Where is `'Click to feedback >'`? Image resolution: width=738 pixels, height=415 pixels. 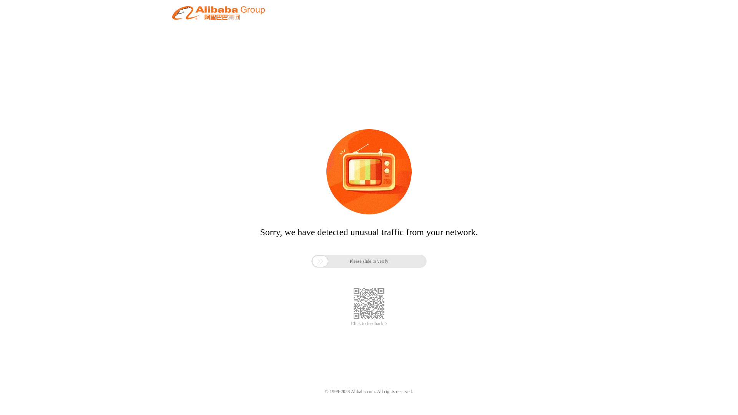
'Click to feedback >' is located at coordinates (350, 324).